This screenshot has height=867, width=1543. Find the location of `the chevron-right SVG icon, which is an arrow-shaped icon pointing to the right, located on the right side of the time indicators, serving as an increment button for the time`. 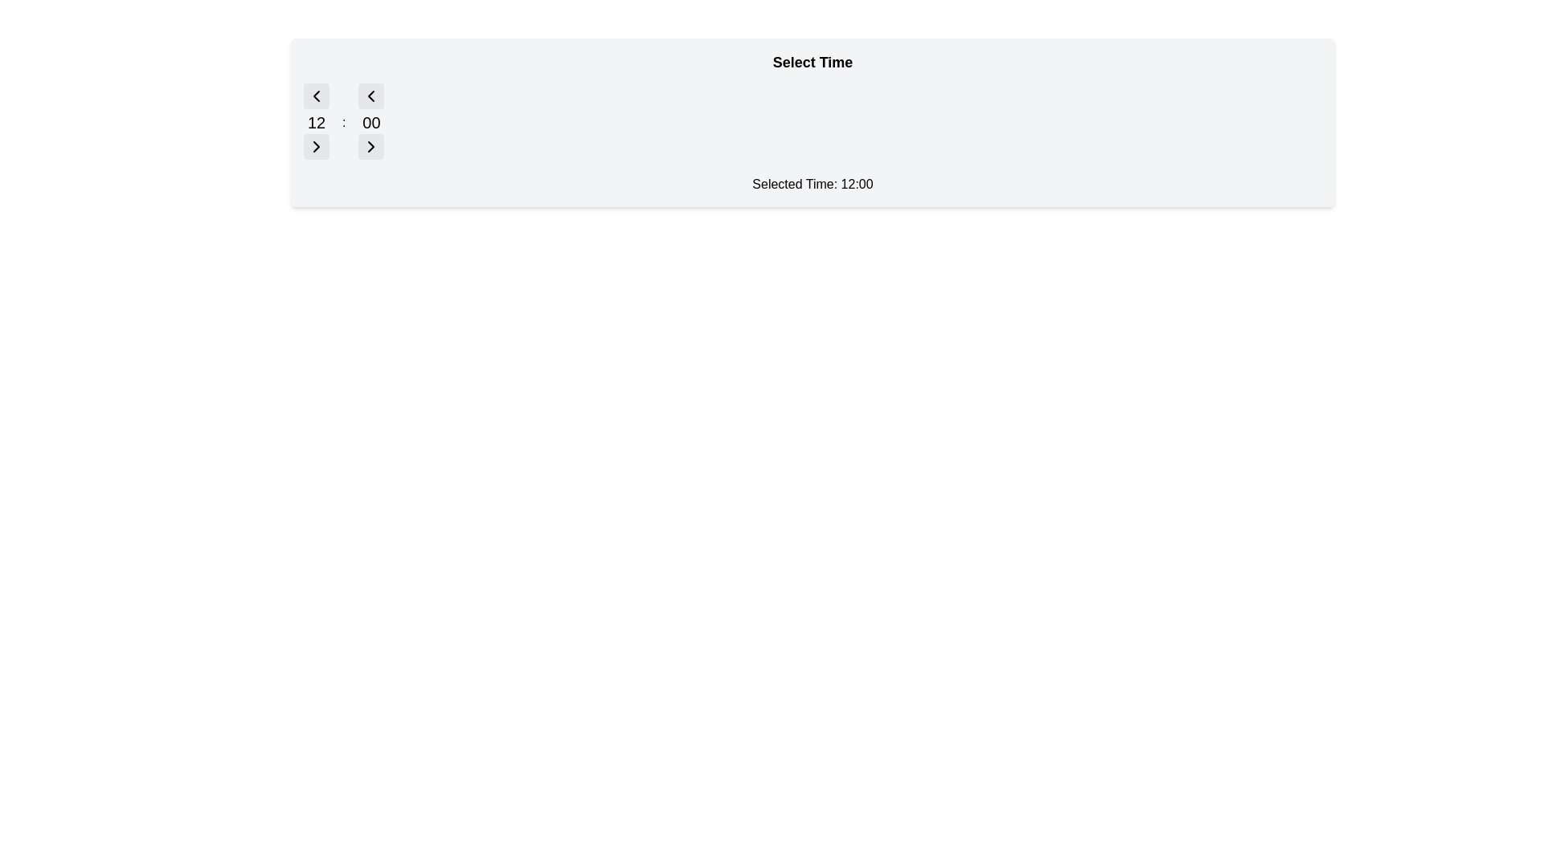

the chevron-right SVG icon, which is an arrow-shaped icon pointing to the right, located on the right side of the time indicators, serving as an increment button for the time is located at coordinates (316, 146).